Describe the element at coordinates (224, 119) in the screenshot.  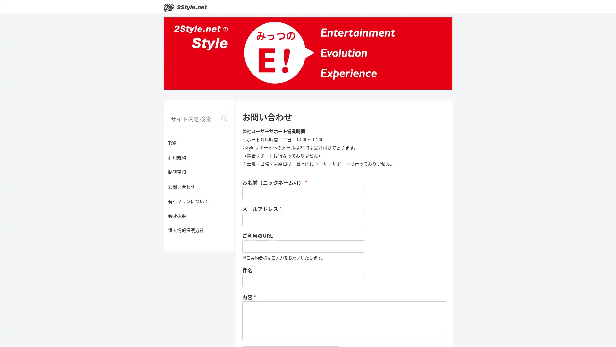
I see `button` at that location.